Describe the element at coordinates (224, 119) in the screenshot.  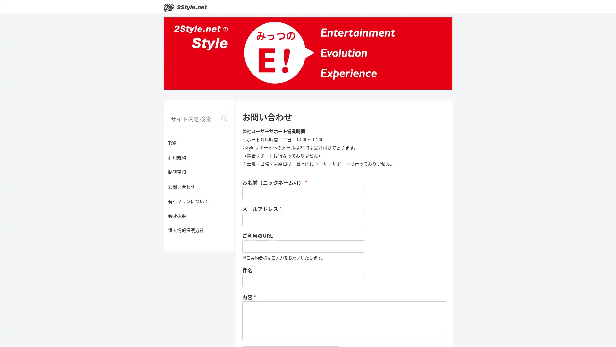
I see `button` at that location.